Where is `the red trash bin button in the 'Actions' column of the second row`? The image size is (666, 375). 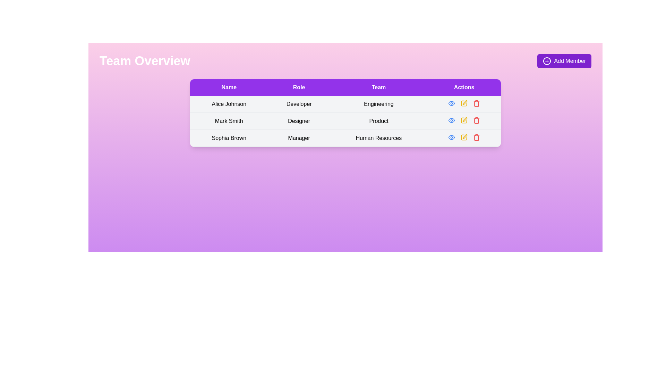
the red trash bin button in the 'Actions' column of the second row is located at coordinates (476, 120).